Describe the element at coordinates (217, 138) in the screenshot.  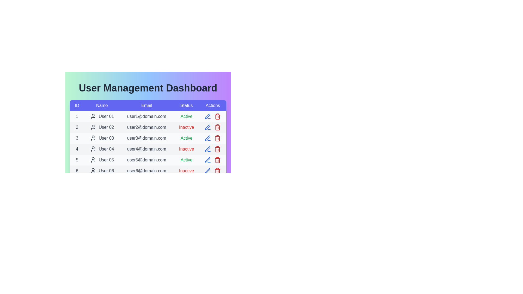
I see `the delete icon for user with ID 3` at that location.